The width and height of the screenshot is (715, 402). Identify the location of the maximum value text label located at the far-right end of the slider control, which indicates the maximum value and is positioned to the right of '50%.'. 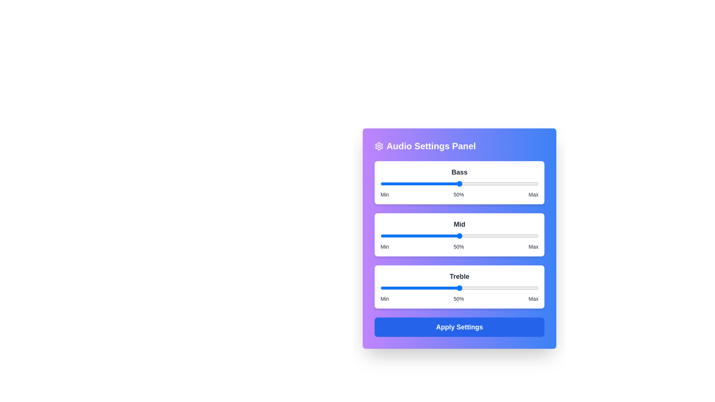
(533, 194).